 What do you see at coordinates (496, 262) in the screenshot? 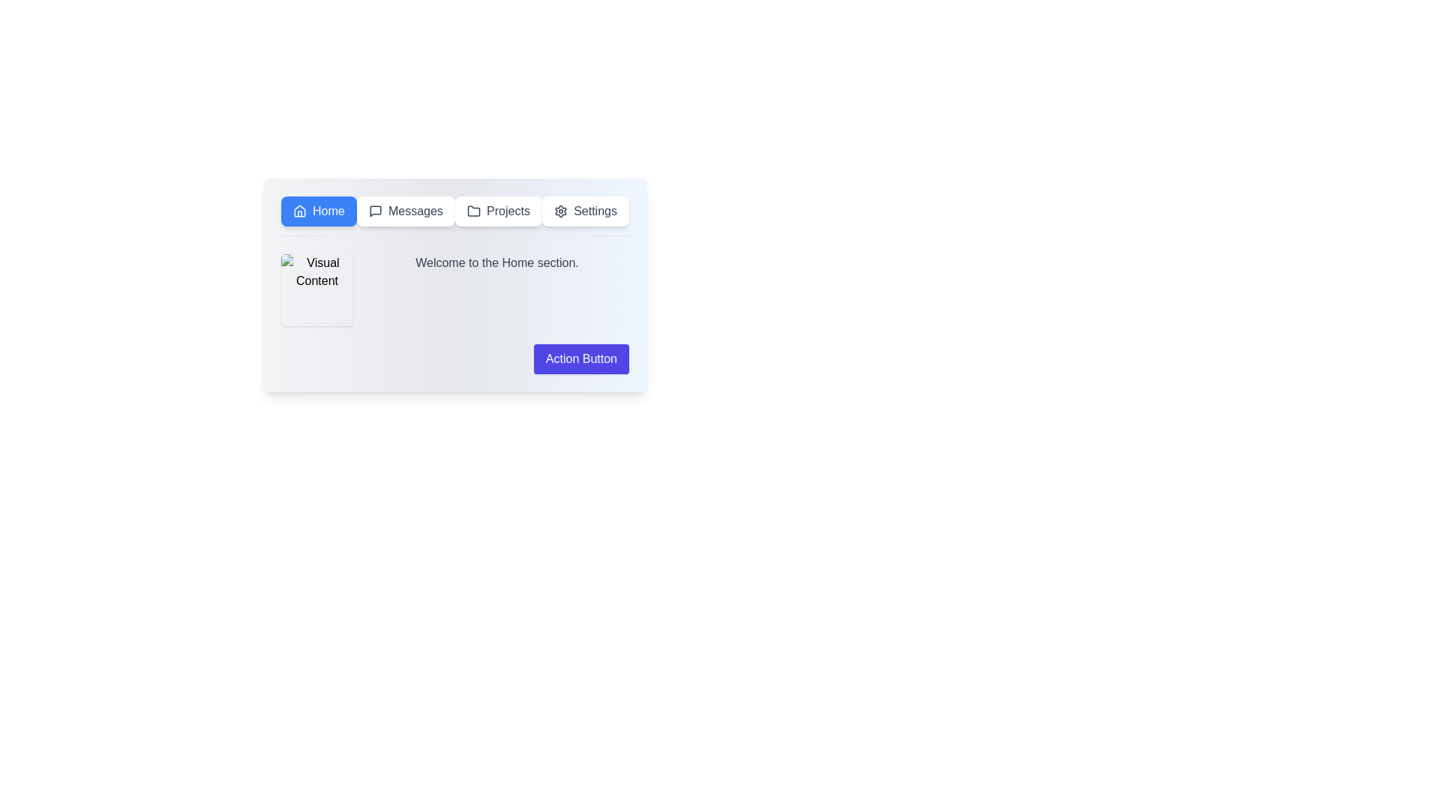
I see `the text label that states 'Welcome to the Home section.', which is styled in gray and positioned to the right of an image labeled 'Visual Content.'` at bounding box center [496, 262].